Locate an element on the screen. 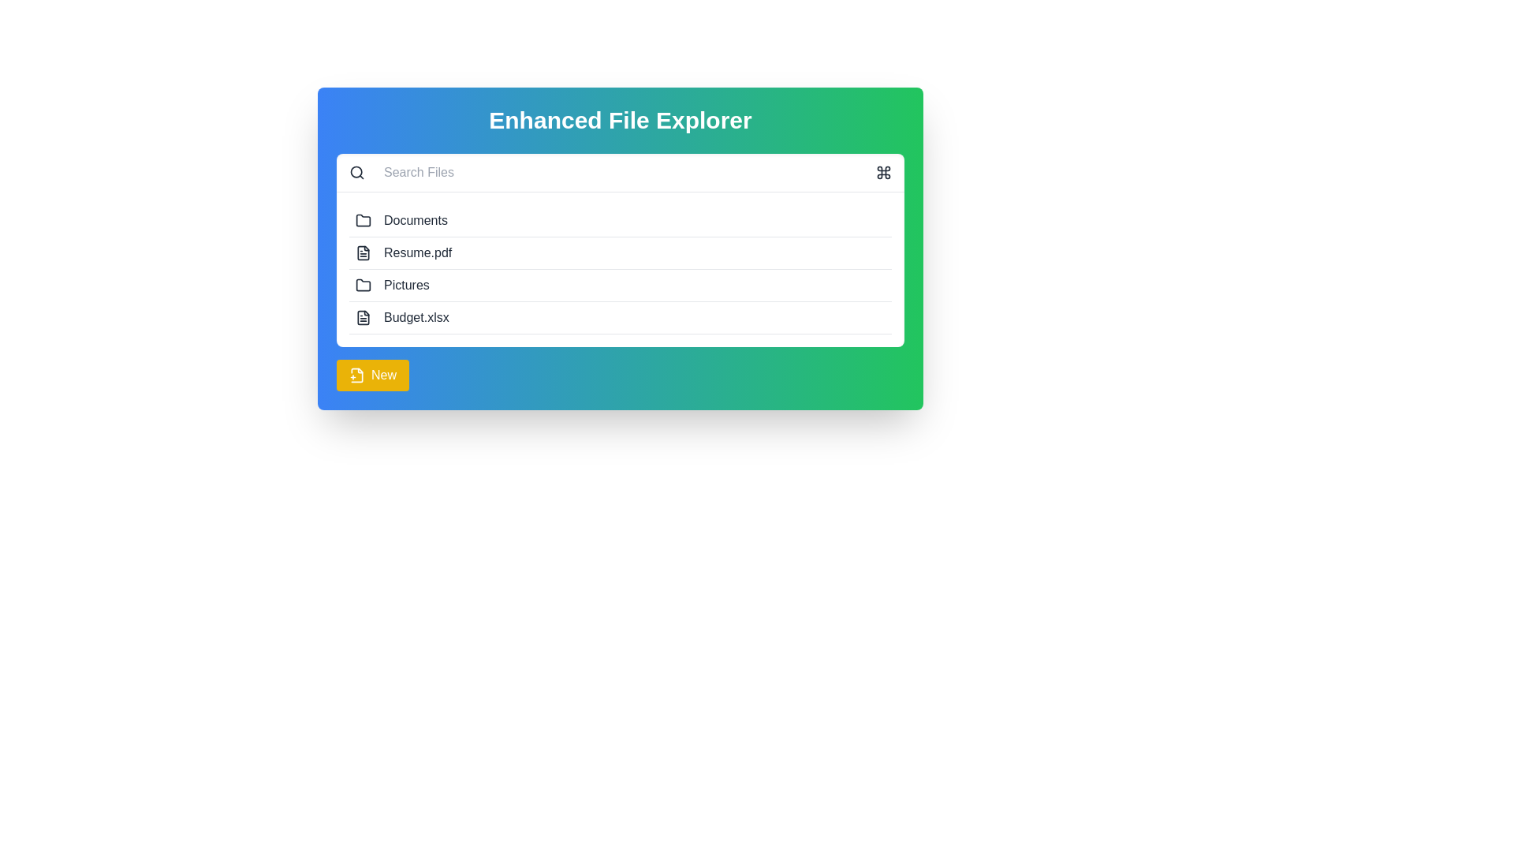 This screenshot has height=852, width=1514. the circular graphical icon component of the search icon located to the left of the 'Search Files' text input field is located at coordinates (356, 172).